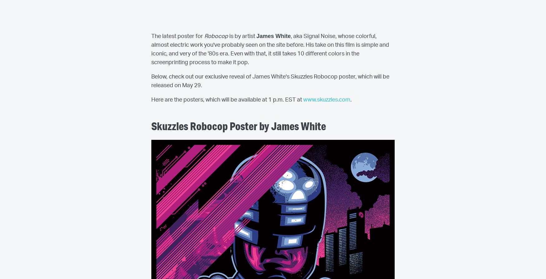 This screenshot has width=546, height=279. Describe the element at coordinates (270, 81) in the screenshot. I see `'Below, check out our exclusive reveal of James White's Skuzzles Robocop poster, which will be released on May 29.'` at that location.